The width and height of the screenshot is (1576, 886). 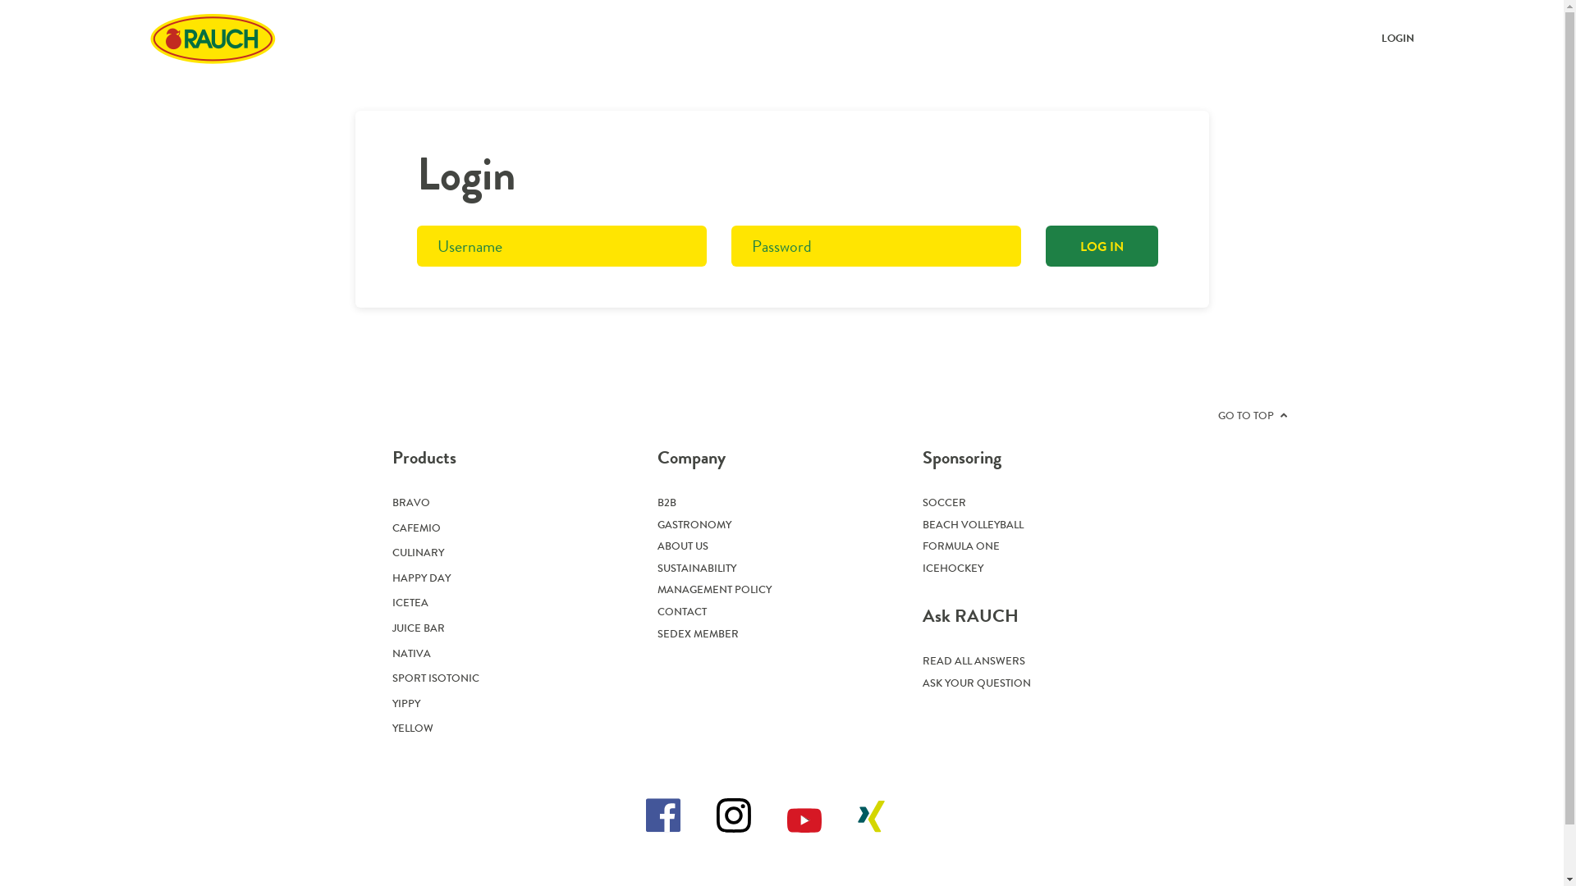 I want to click on 'BEACH VOLLEYBALL', so click(x=973, y=524).